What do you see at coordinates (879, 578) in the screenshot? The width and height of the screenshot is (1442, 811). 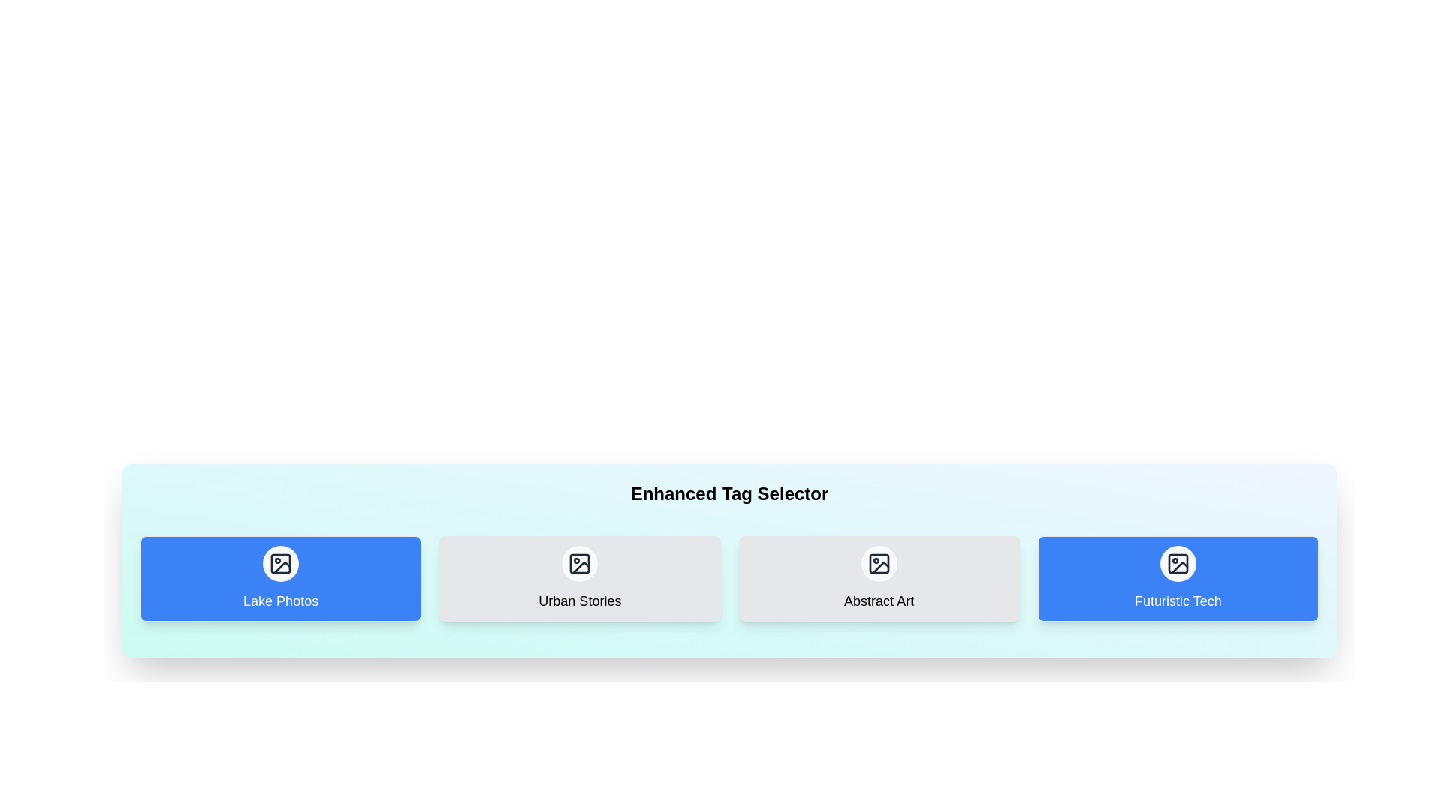 I see `the tag identified by Abstract Art` at bounding box center [879, 578].